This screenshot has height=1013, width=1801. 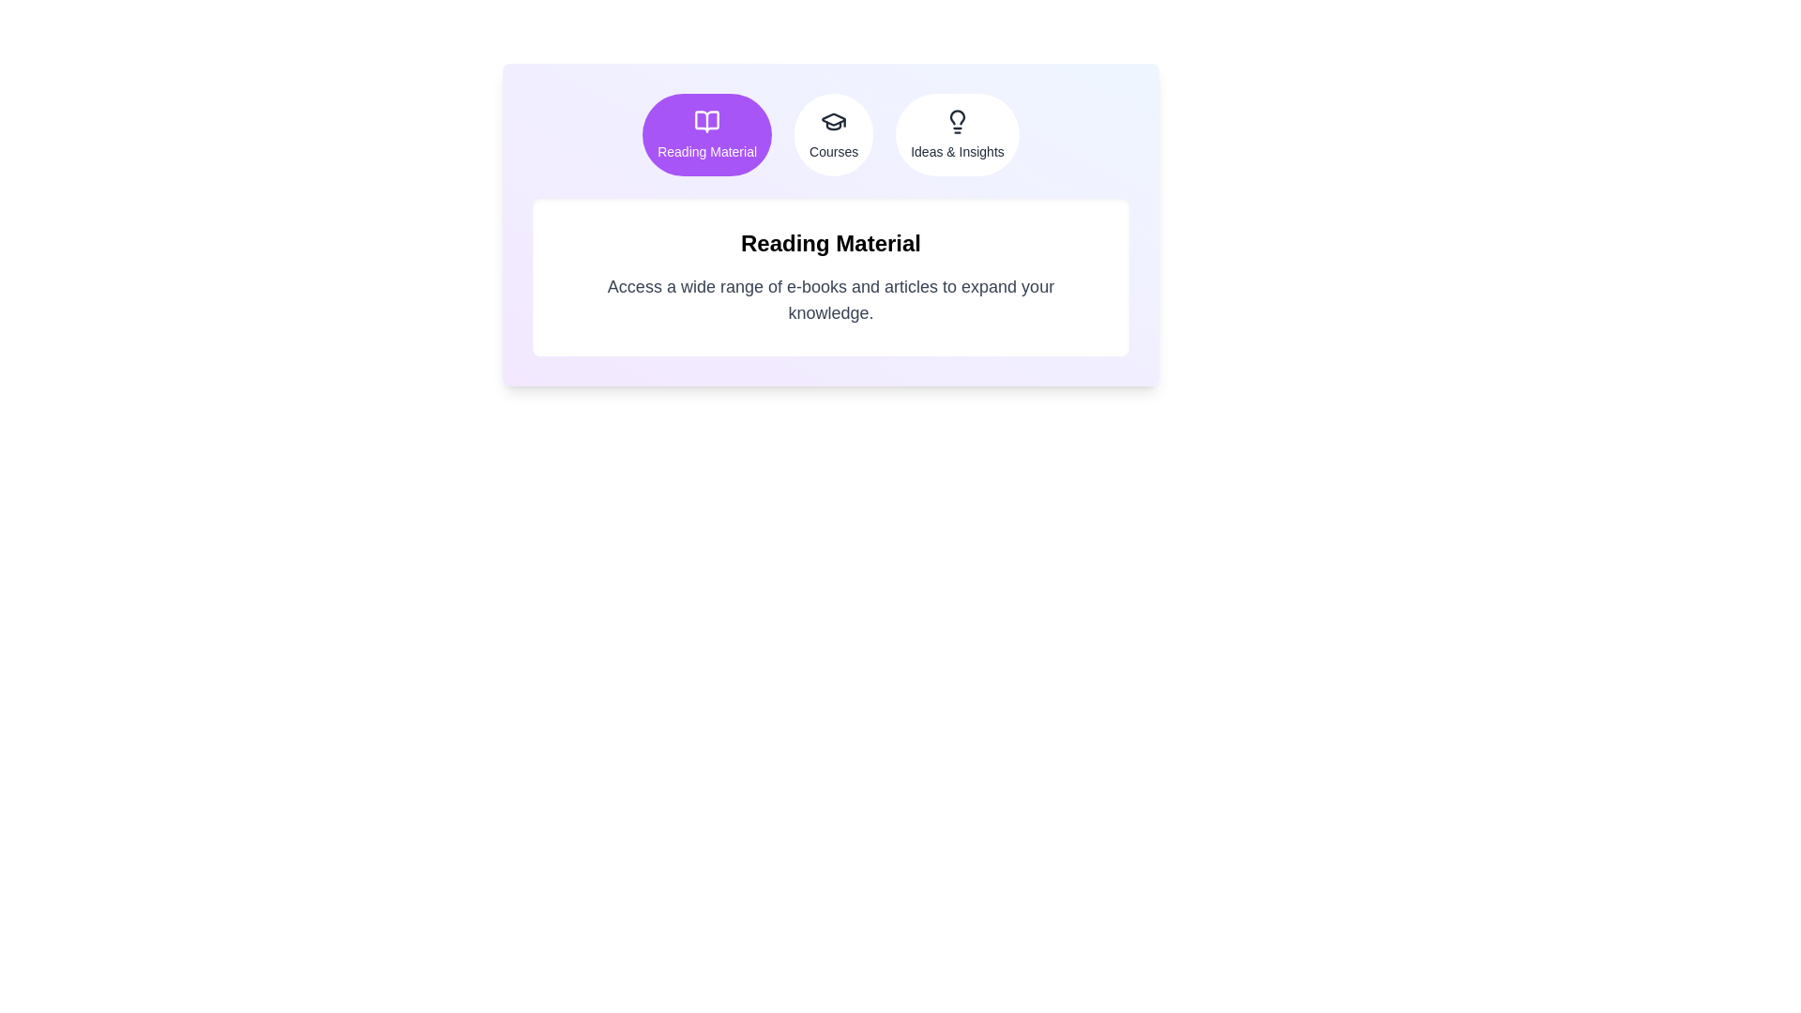 What do you see at coordinates (958, 133) in the screenshot?
I see `the tab labeled Ideas & Insights` at bounding box center [958, 133].